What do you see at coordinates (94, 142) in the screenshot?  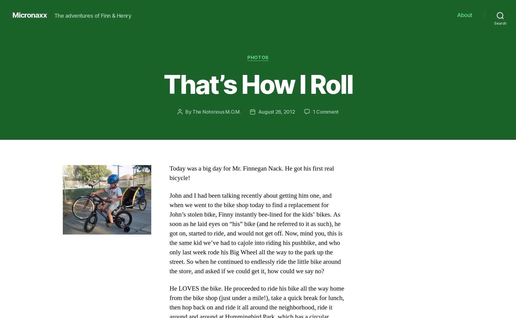 I see `'August 2011'` at bounding box center [94, 142].